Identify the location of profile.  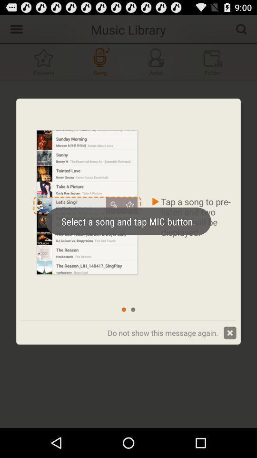
(156, 61).